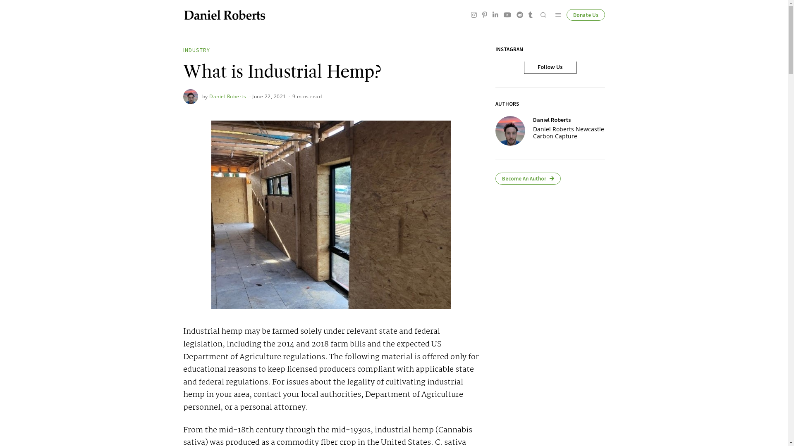 The image size is (794, 446). What do you see at coordinates (533, 119) in the screenshot?
I see `'Daniel Roberts'` at bounding box center [533, 119].